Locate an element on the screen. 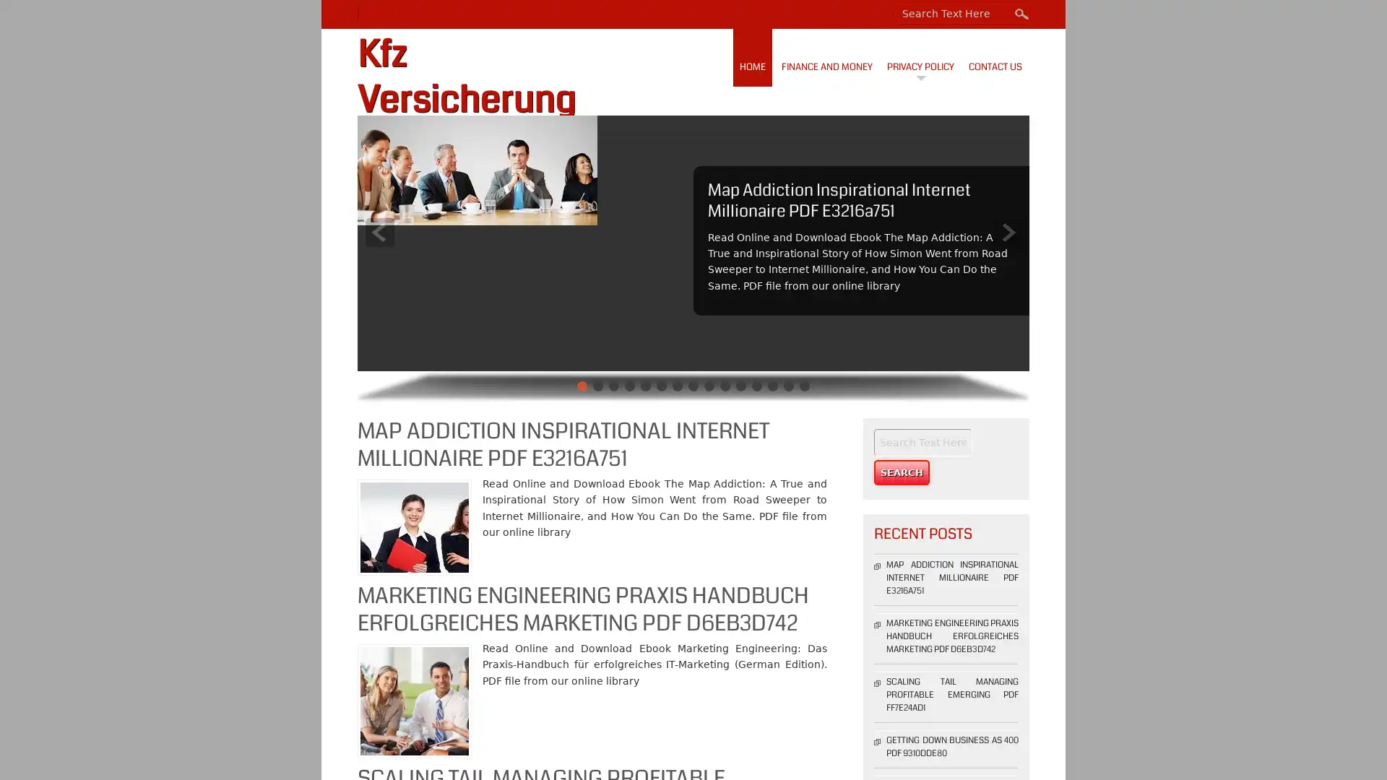 Image resolution: width=1387 pixels, height=780 pixels. Search is located at coordinates (901, 472).